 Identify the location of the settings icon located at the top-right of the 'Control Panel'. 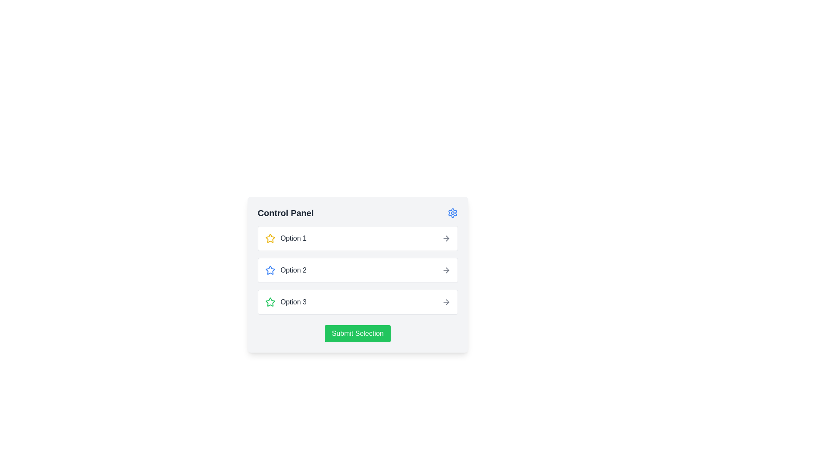
(452, 213).